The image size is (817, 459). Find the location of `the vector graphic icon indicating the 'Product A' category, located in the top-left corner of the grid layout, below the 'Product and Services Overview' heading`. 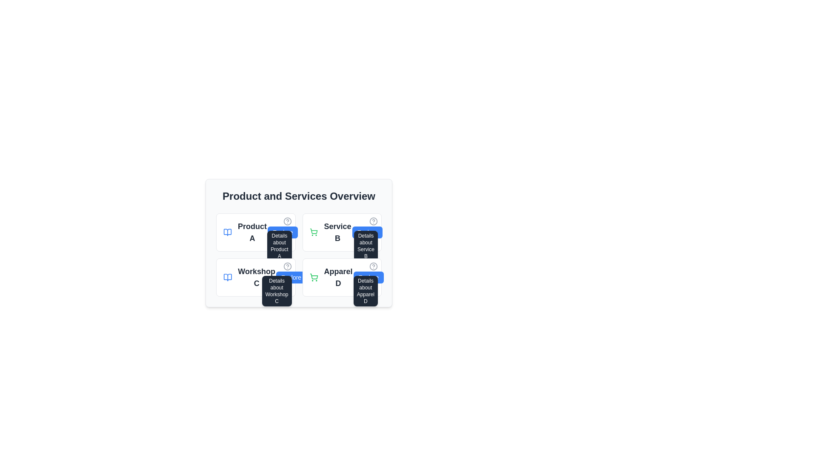

the vector graphic icon indicating the 'Product A' category, located in the top-left corner of the grid layout, below the 'Product and Services Overview' heading is located at coordinates (228, 277).